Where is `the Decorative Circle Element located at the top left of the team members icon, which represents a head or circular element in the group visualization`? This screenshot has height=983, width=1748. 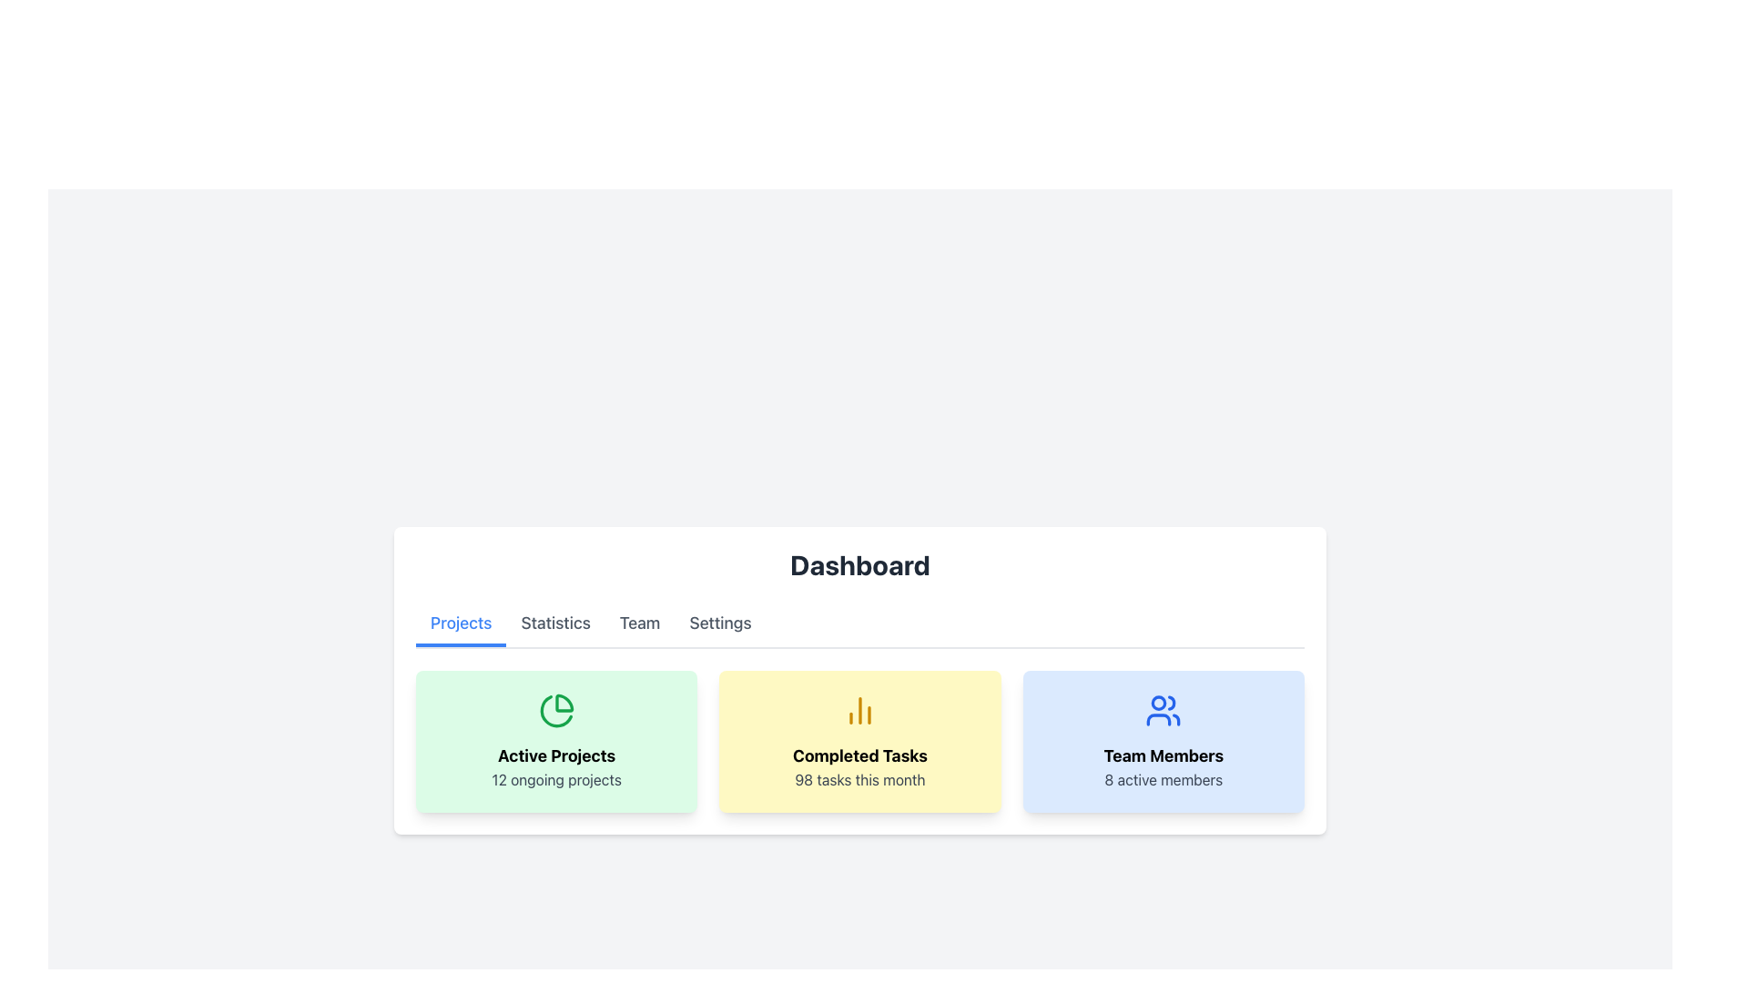
the Decorative Circle Element located at the top left of the team members icon, which represents a head or circular element in the group visualization is located at coordinates (1158, 702).